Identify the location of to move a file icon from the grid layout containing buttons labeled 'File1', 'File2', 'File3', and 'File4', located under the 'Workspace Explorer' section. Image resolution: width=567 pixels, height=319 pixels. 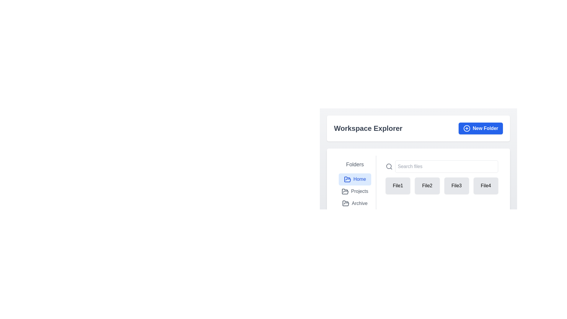
(442, 185).